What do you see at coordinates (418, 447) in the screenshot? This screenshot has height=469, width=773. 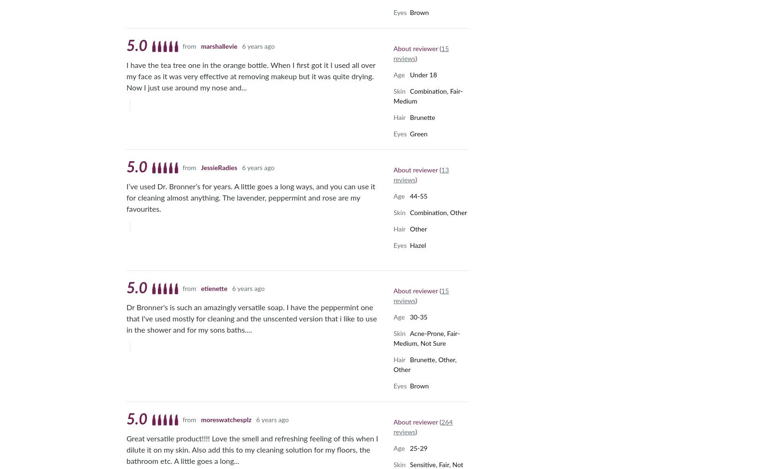 I see `'25-29'` at bounding box center [418, 447].